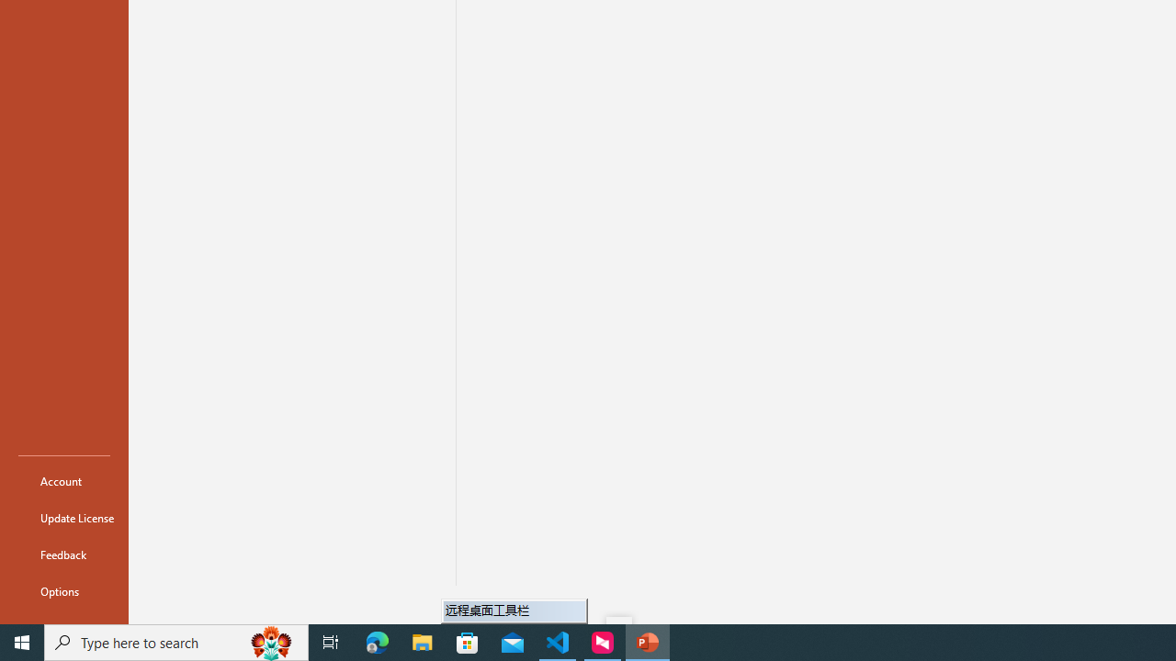 This screenshot has width=1176, height=661. What do you see at coordinates (63, 518) in the screenshot?
I see `'Update License'` at bounding box center [63, 518].